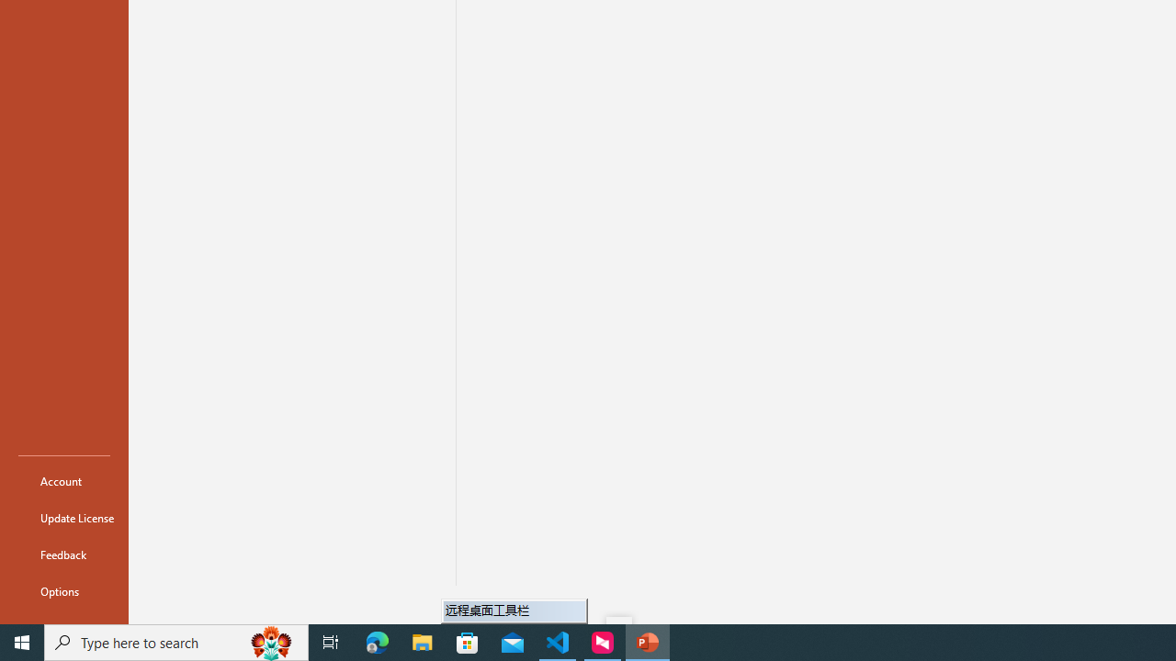 This screenshot has width=1176, height=661. What do you see at coordinates (63, 518) in the screenshot?
I see `'Update License'` at bounding box center [63, 518].